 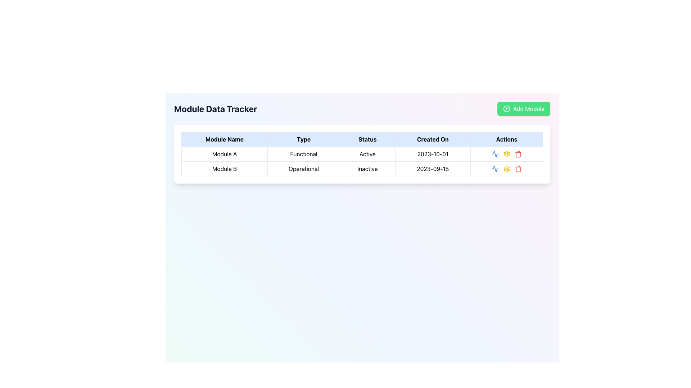 I want to click on displayed text in the 'Created On' column of the second row for 'Module B' in the data table, which is a read-only informational element, so click(x=432, y=169).